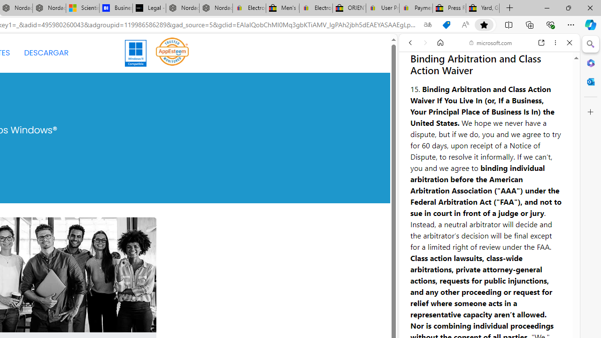 The image size is (601, 338). Describe the element at coordinates (46, 53) in the screenshot. I see `'DESCARGAR'` at that location.